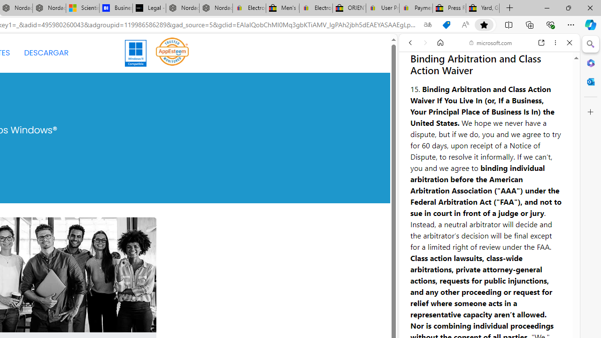 The image size is (601, 338). Describe the element at coordinates (46, 53) in the screenshot. I see `'DESCARGAR'` at that location.